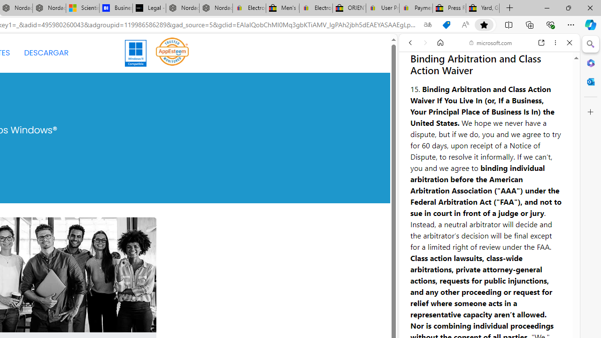 The image size is (601, 338). Describe the element at coordinates (46, 53) in the screenshot. I see `'DESCARGAR'` at that location.